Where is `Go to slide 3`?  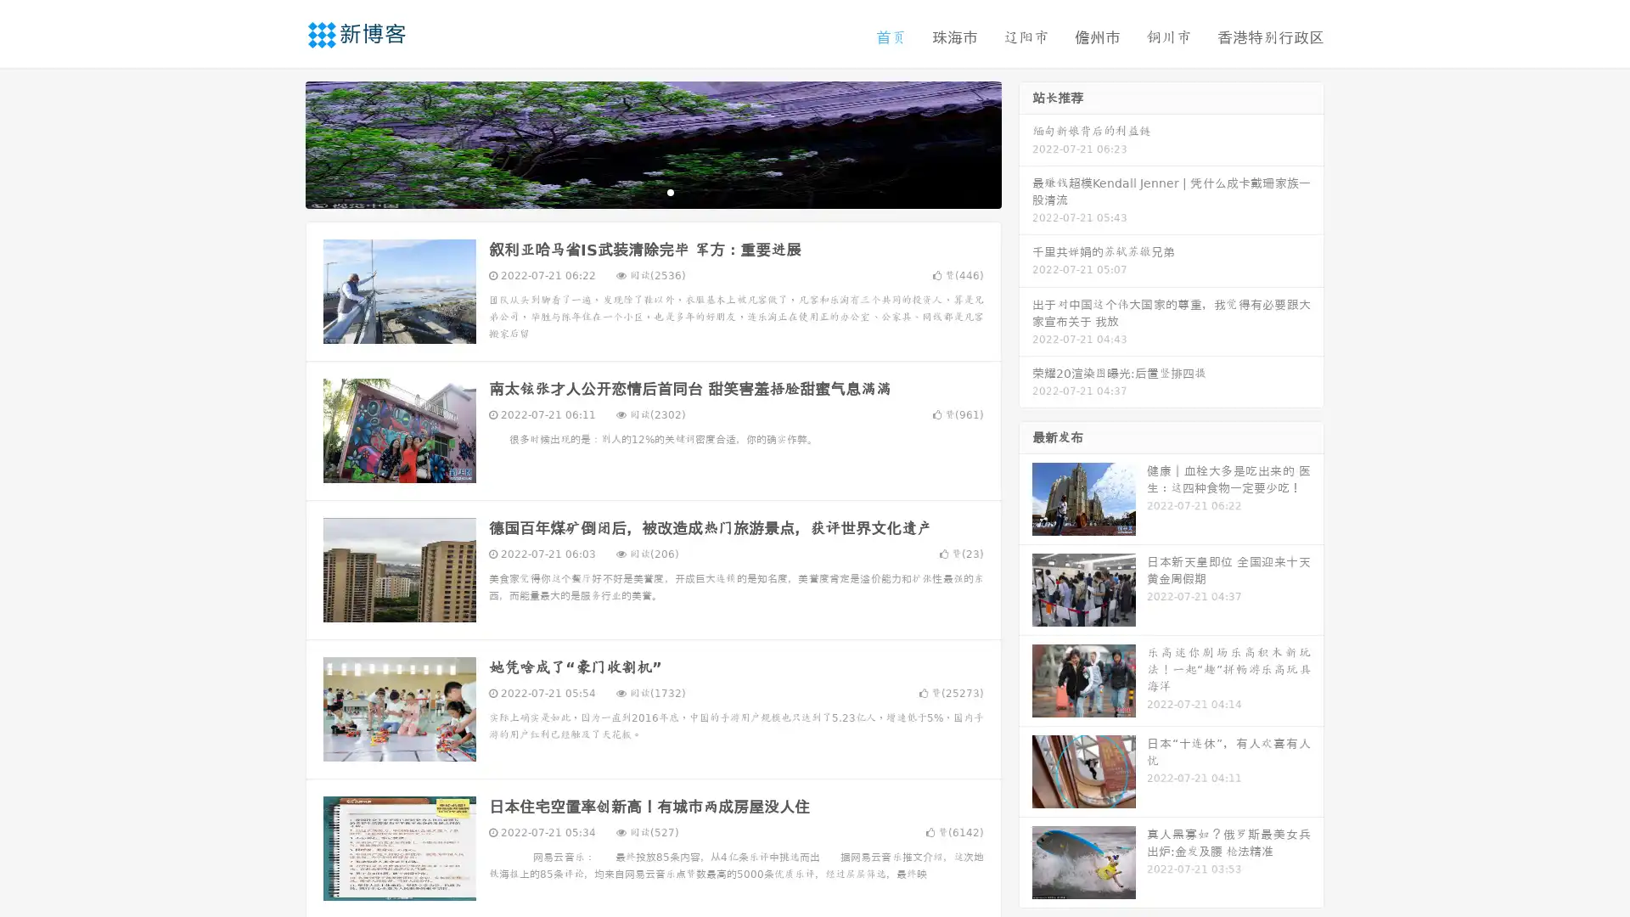
Go to slide 3 is located at coordinates (670, 191).